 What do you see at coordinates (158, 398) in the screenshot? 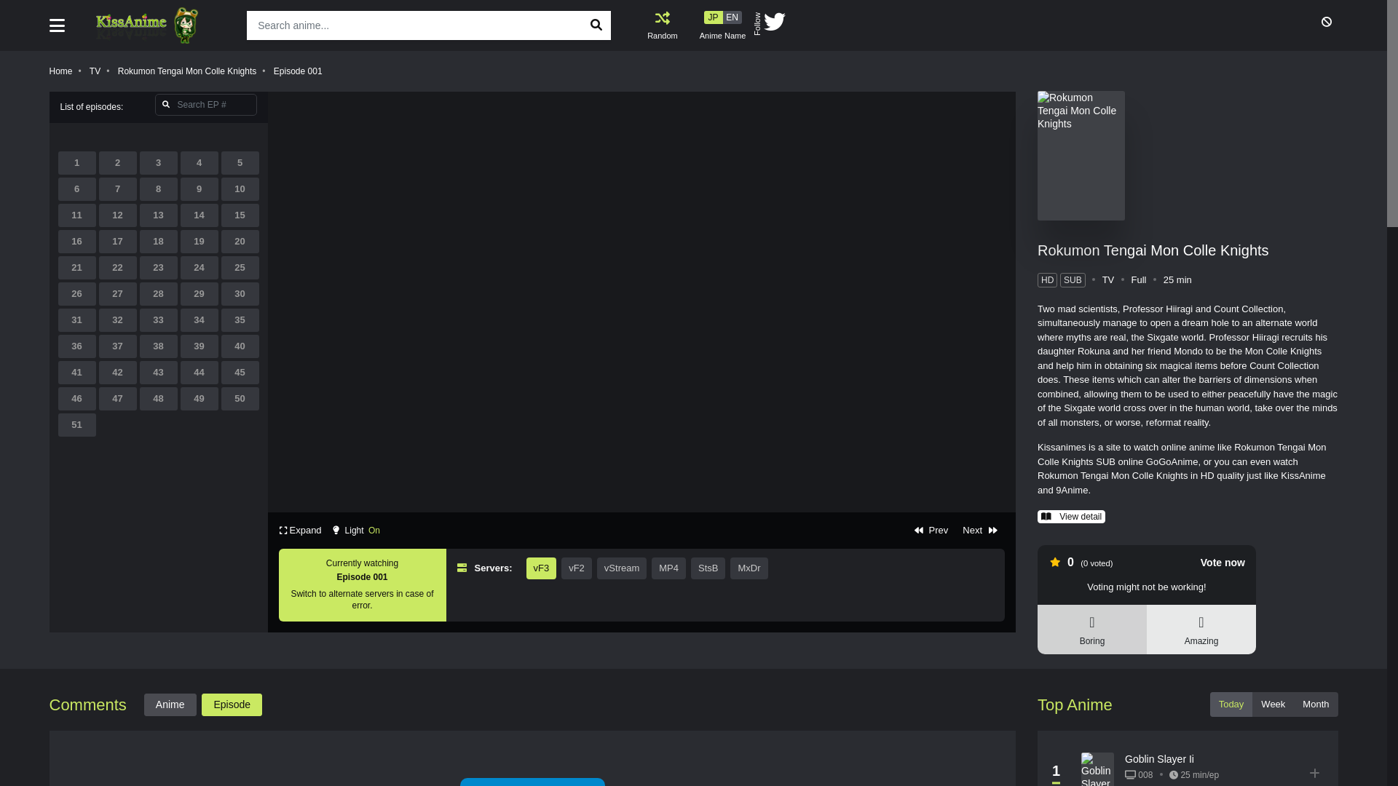
I see `'48'` at bounding box center [158, 398].